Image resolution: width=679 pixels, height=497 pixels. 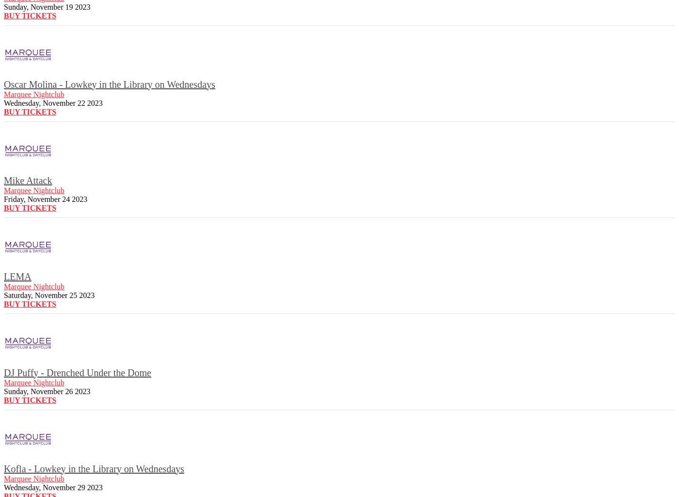 I want to click on 'Friday, November 24 2023', so click(x=3, y=198).